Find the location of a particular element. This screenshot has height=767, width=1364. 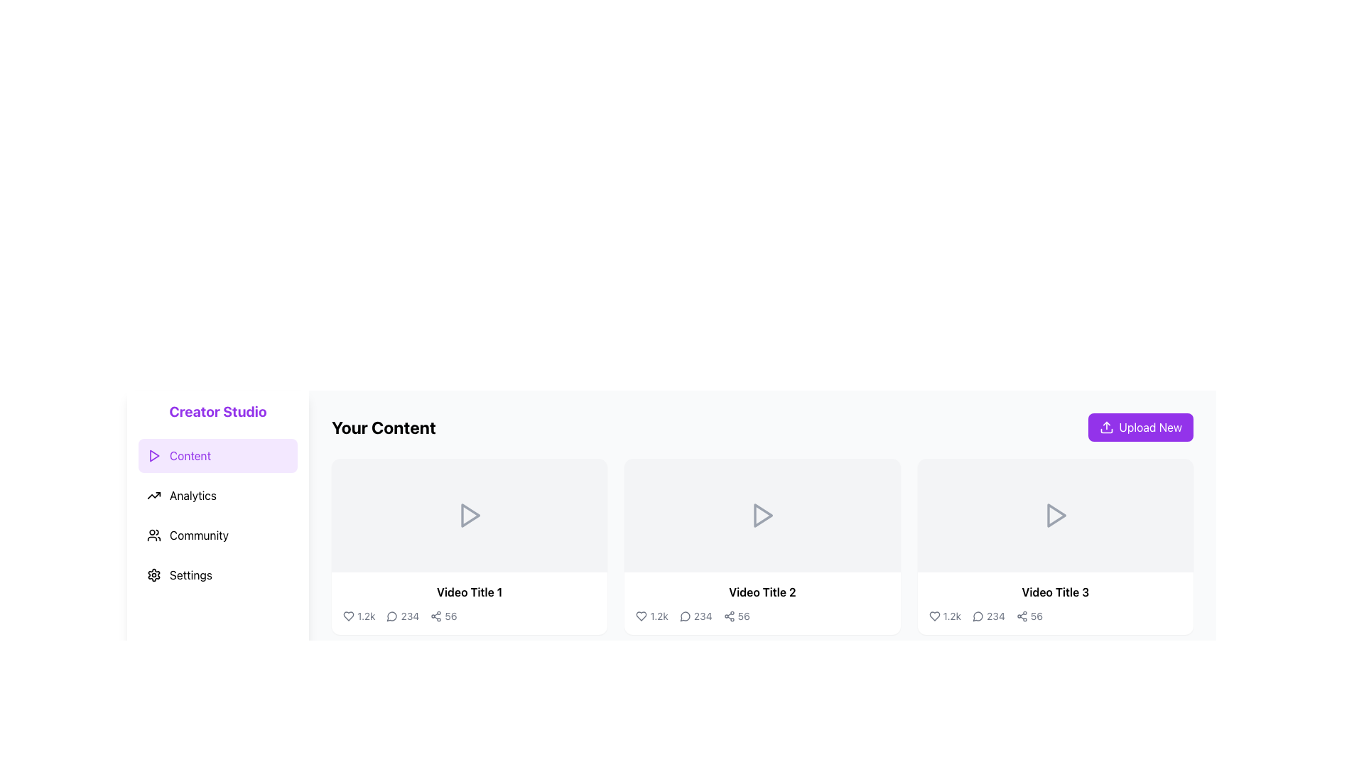

the Statistical display showing engagement statistics for 'Video Title 3' in the third video card of the 'Your Content' section is located at coordinates (1055, 615).